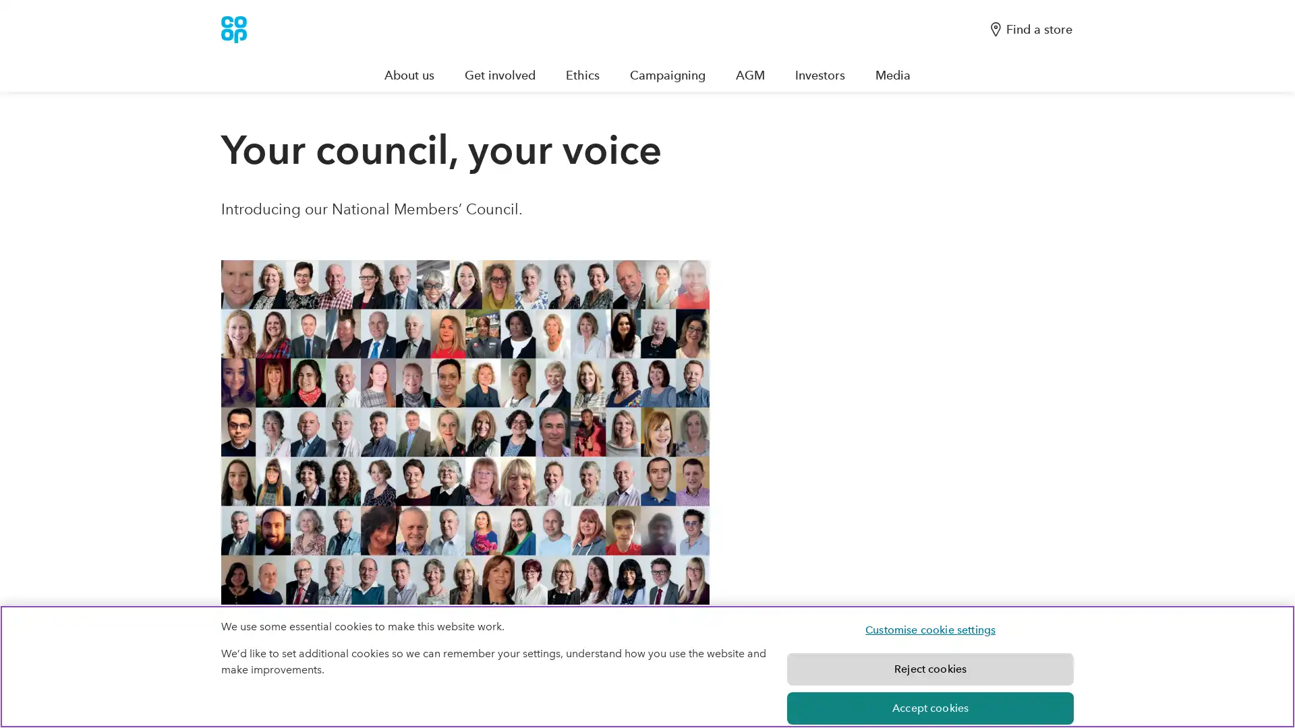 The image size is (1295, 728). Describe the element at coordinates (929, 630) in the screenshot. I see `Customise cookie settings` at that location.